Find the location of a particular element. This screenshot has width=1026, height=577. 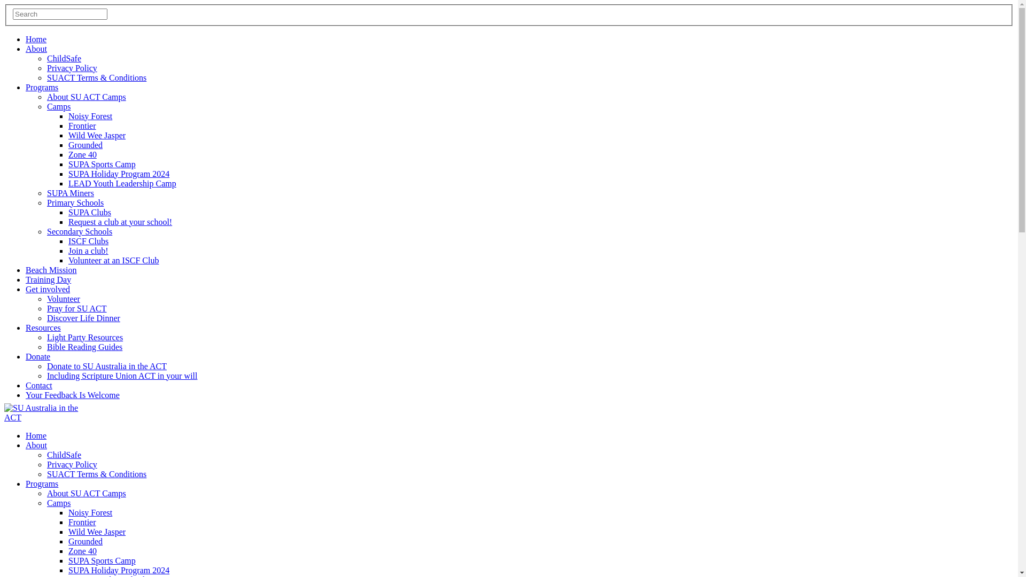

'SUPA Miners' is located at coordinates (69, 193).